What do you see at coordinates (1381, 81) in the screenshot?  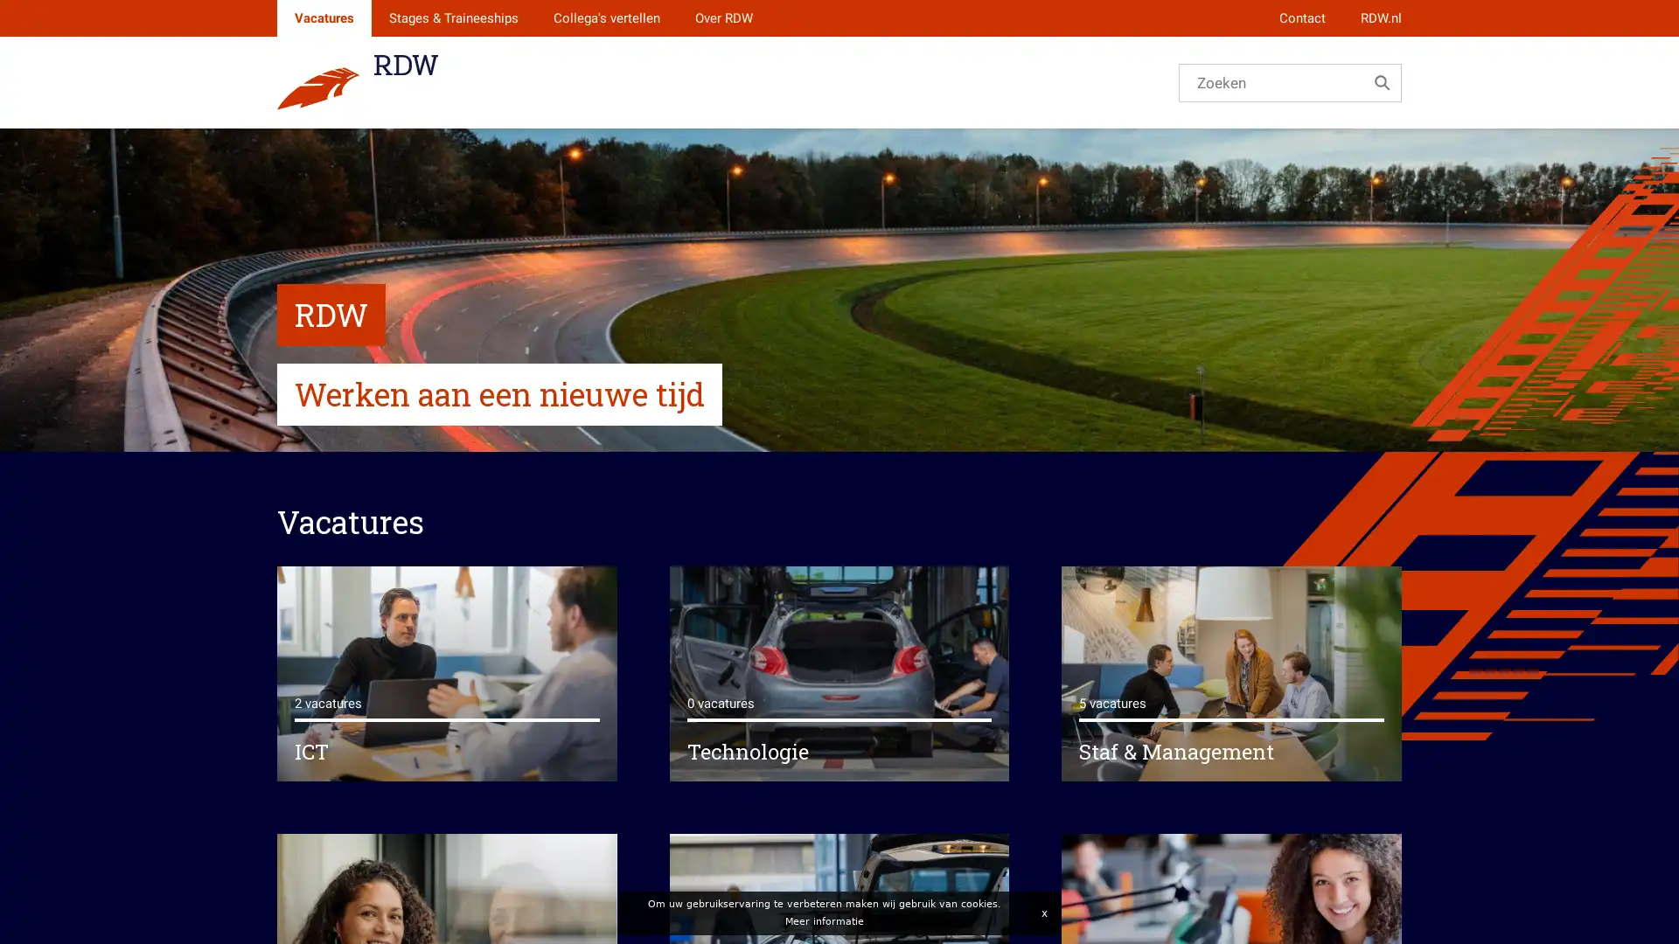 I see `Zoek...` at bounding box center [1381, 81].